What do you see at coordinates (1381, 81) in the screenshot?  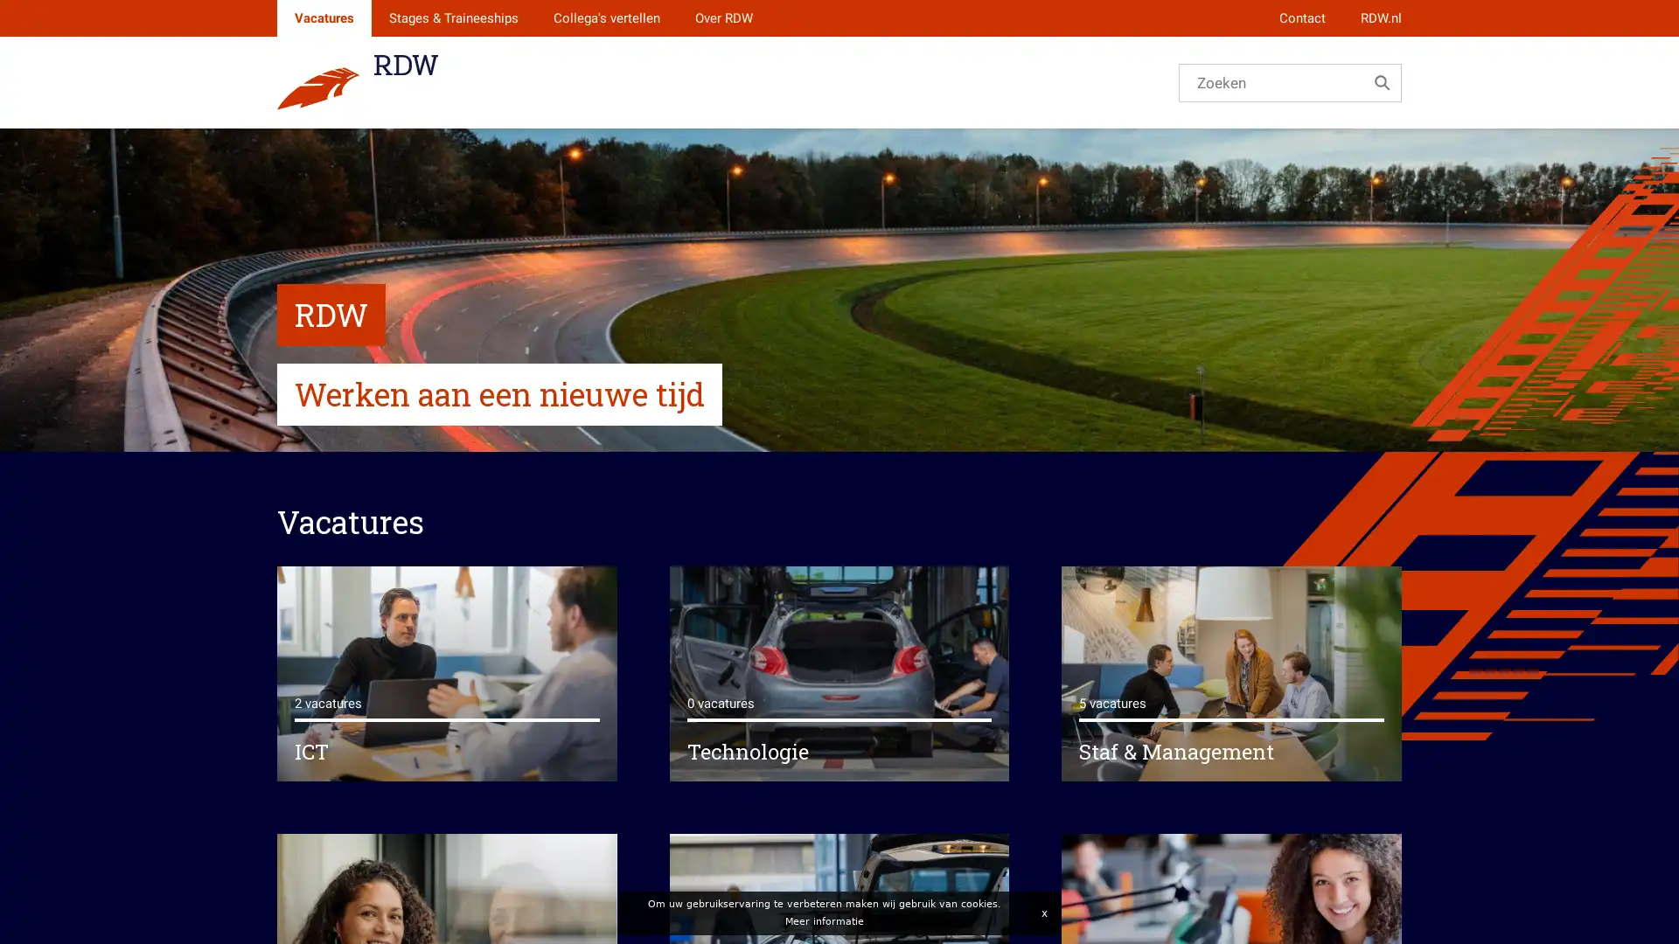 I see `Zoek...` at bounding box center [1381, 81].